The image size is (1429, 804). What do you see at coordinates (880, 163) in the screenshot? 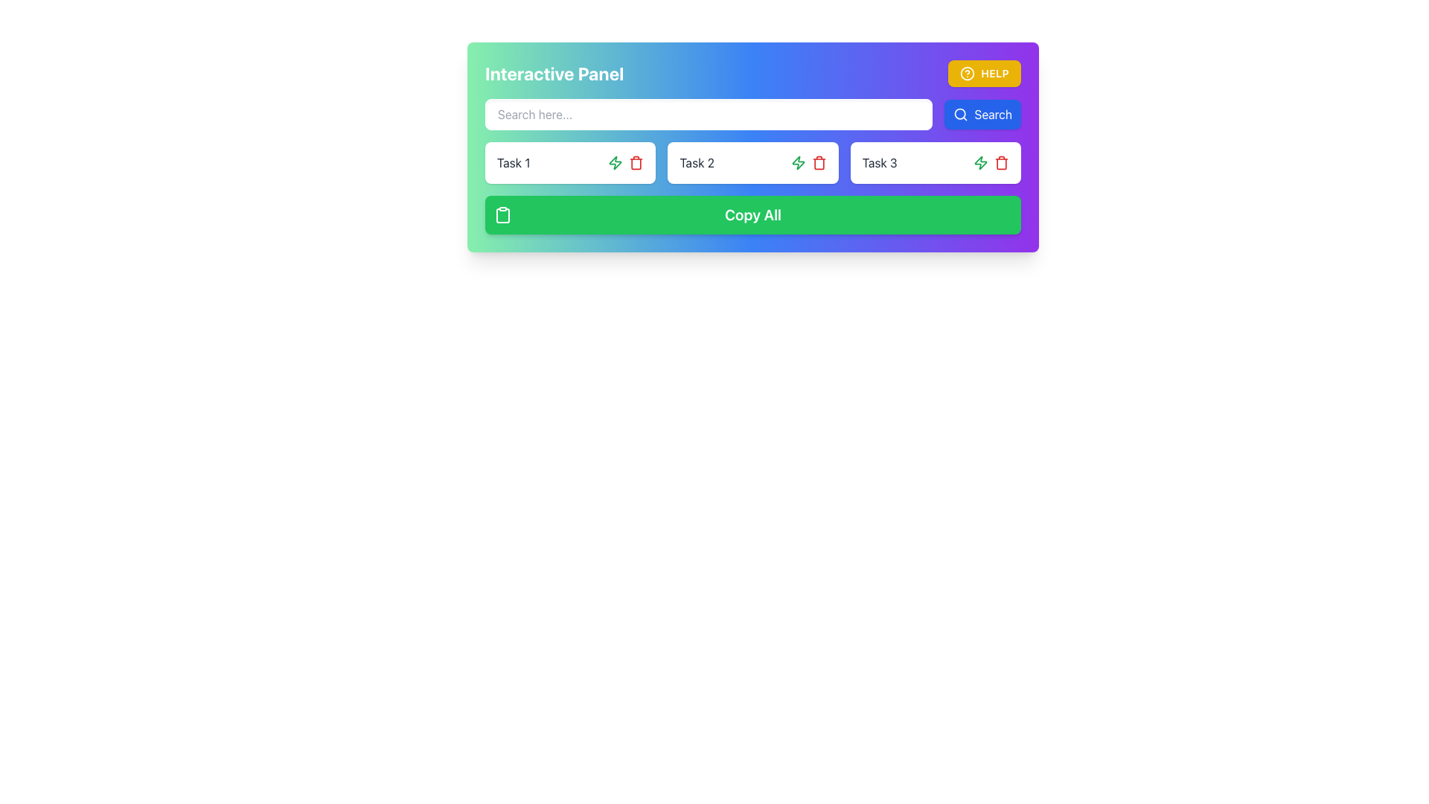
I see `the third task label in the horizontal series located within the blue and green gradient panel near the bottom` at bounding box center [880, 163].